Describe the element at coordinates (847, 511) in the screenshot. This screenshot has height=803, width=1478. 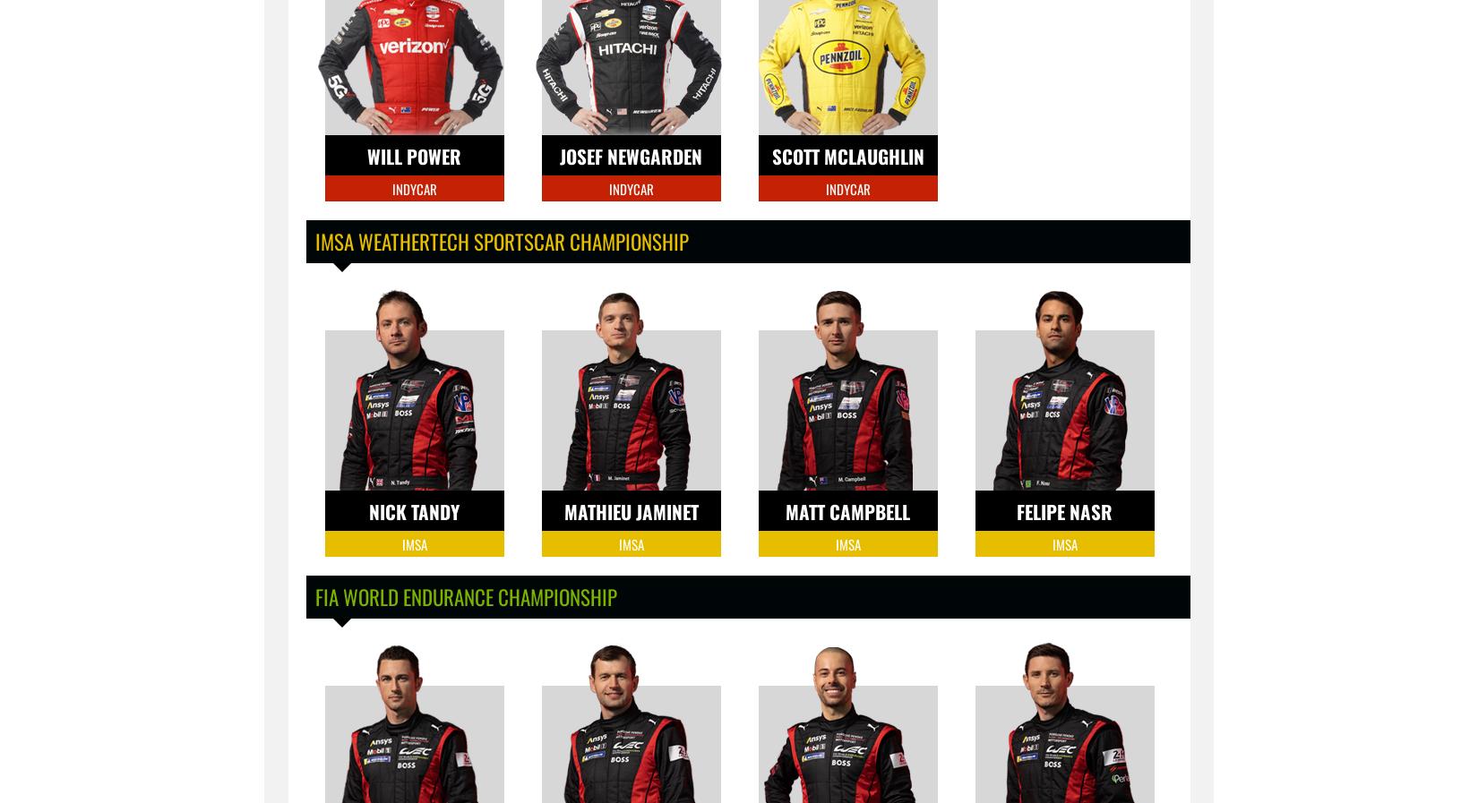
I see `'Matt Campbell'` at that location.